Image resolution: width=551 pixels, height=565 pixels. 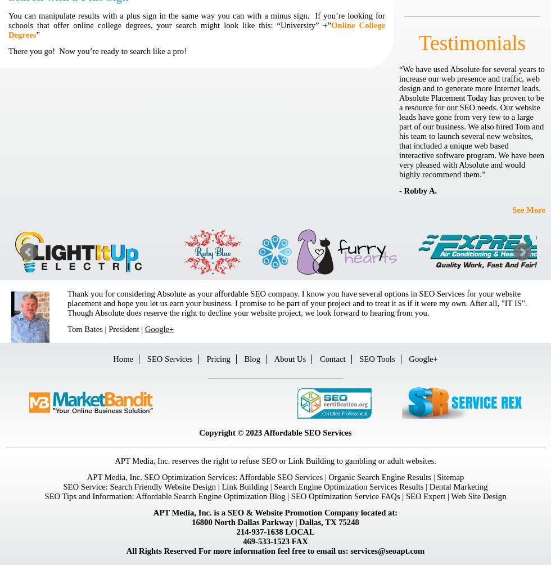 What do you see at coordinates (418, 190) in the screenshot?
I see `'- Robby A.'` at bounding box center [418, 190].